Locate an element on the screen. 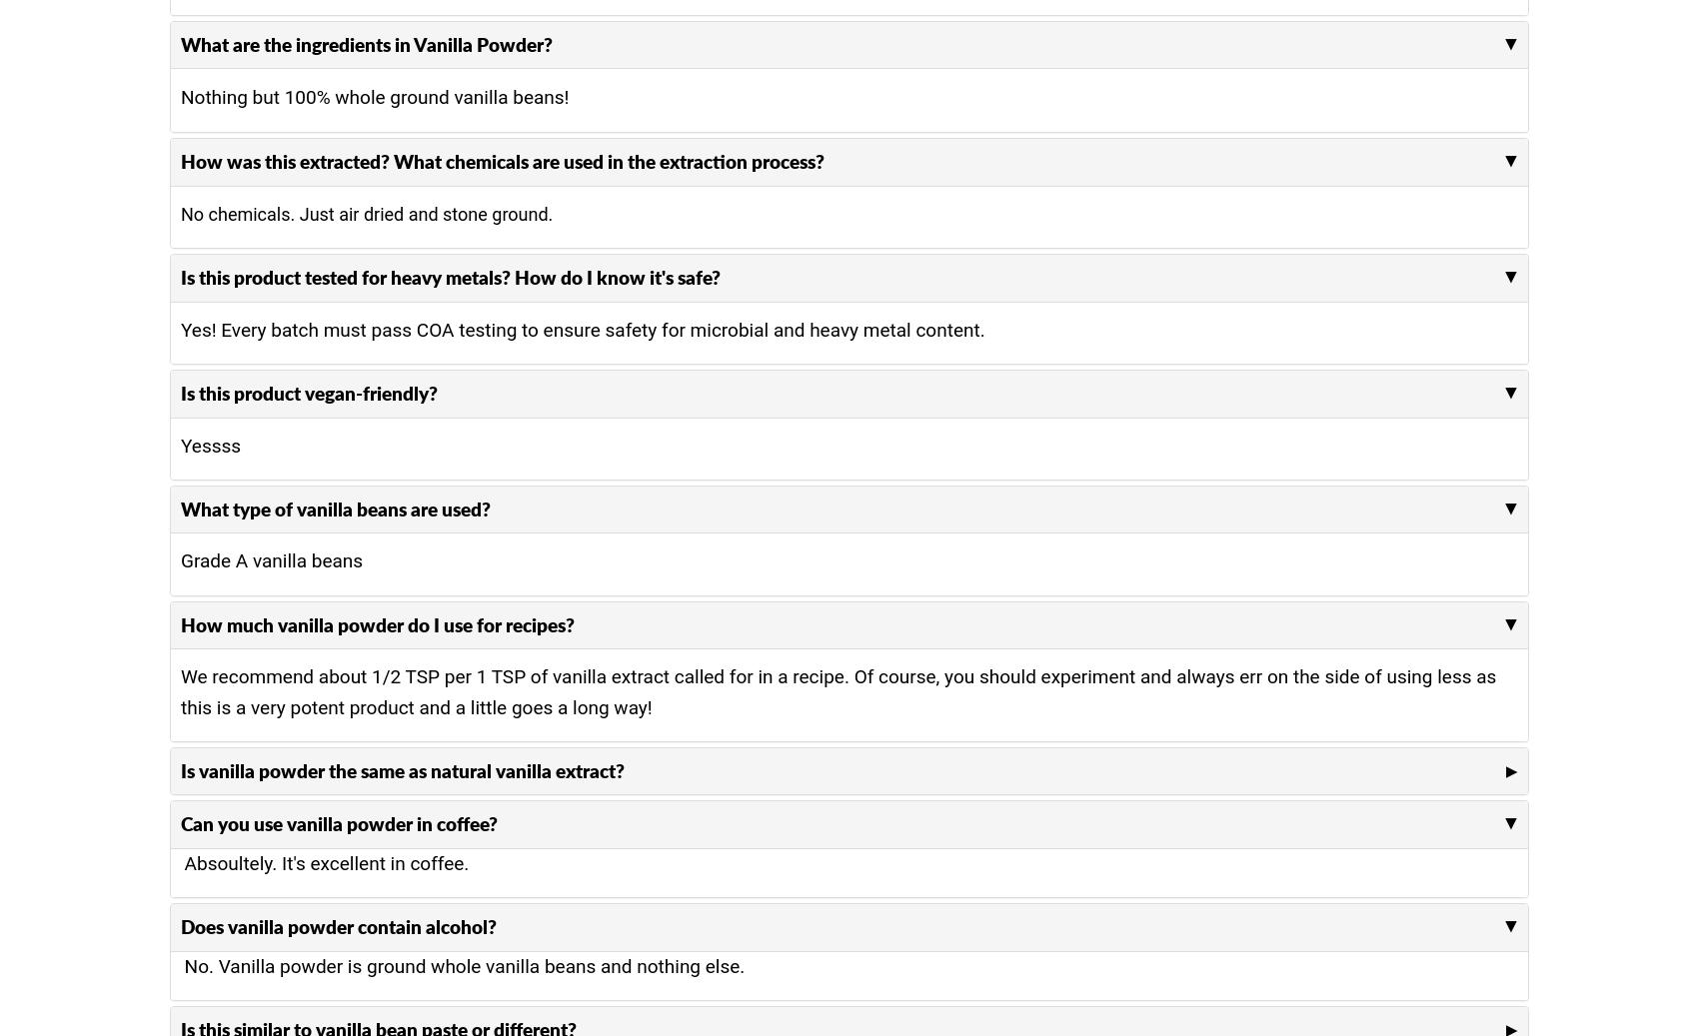  'Is this product tested for heavy metals? How do I know it's safe?' is located at coordinates (451, 276).